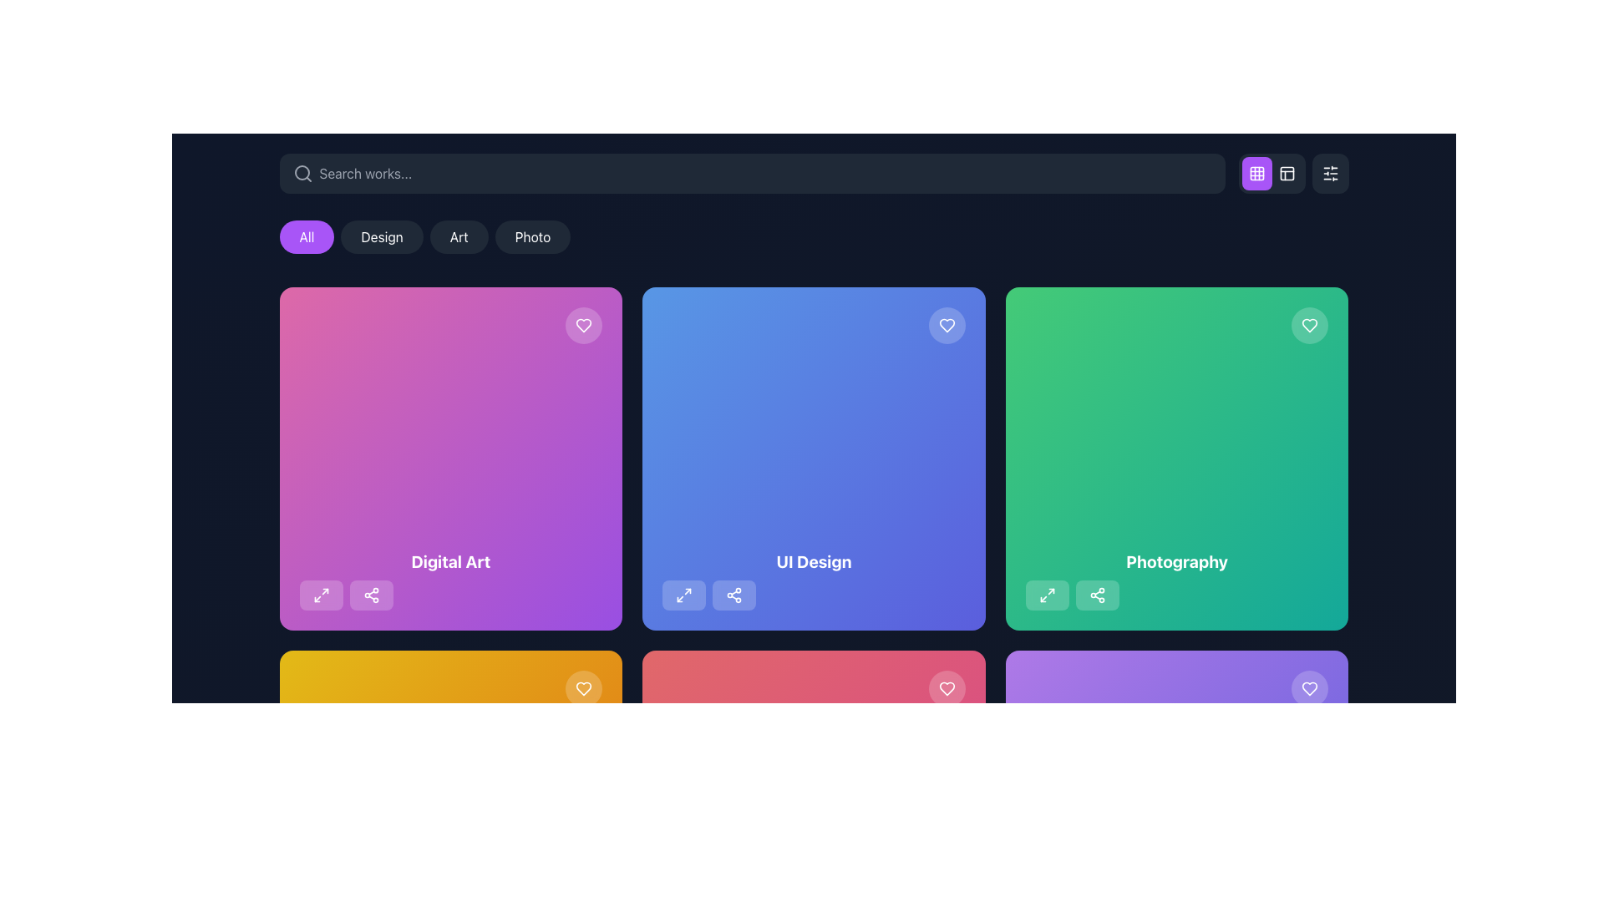 The height and width of the screenshot is (902, 1604). Describe the element at coordinates (370, 594) in the screenshot. I see `the sharing icon located as the second button from the left in the rounded rectangle overlay at the bottom left corner of the 'Digital Art' card` at that location.